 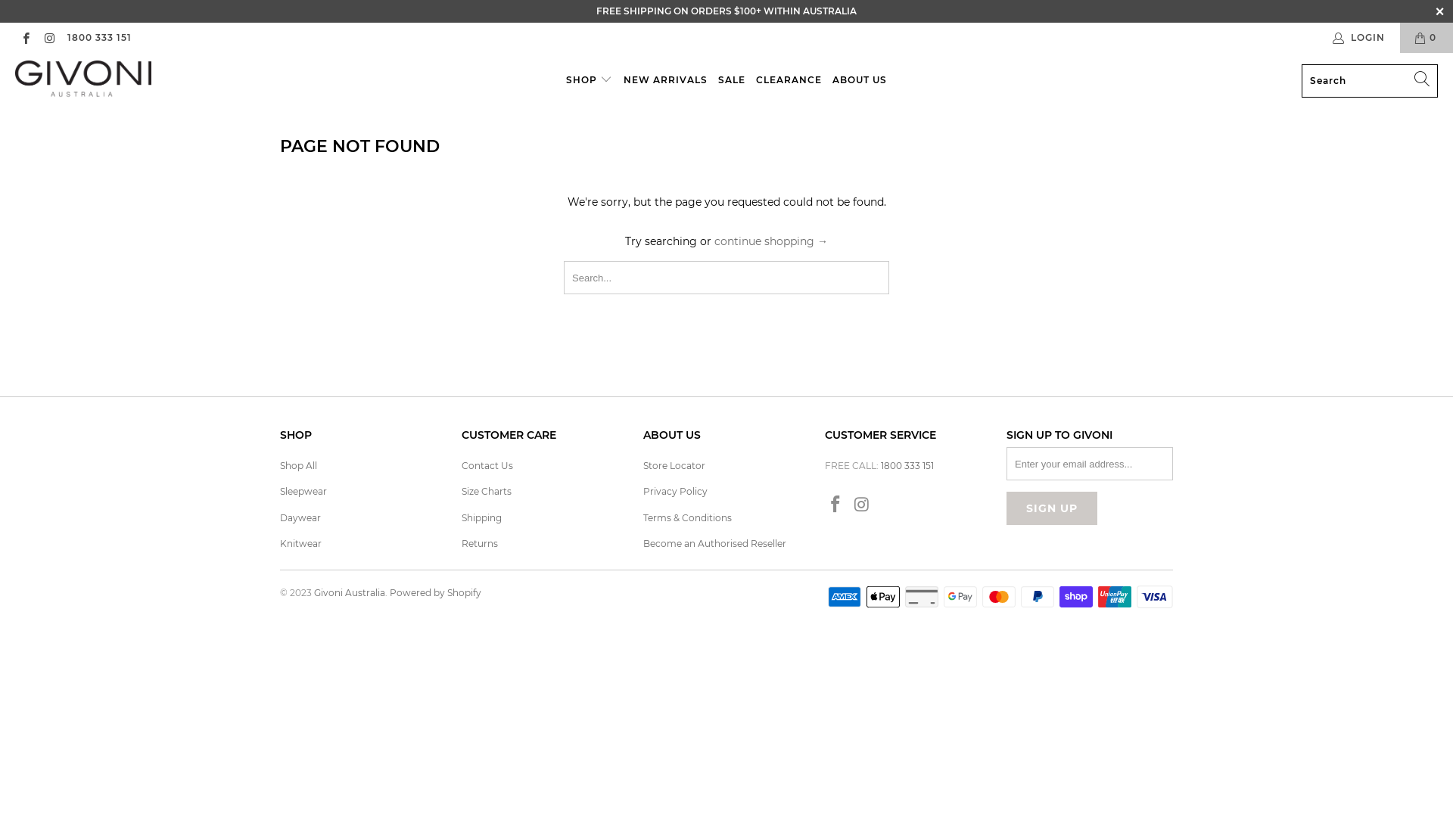 I want to click on 'Givoni Australia on Instagram', so click(x=48, y=36).